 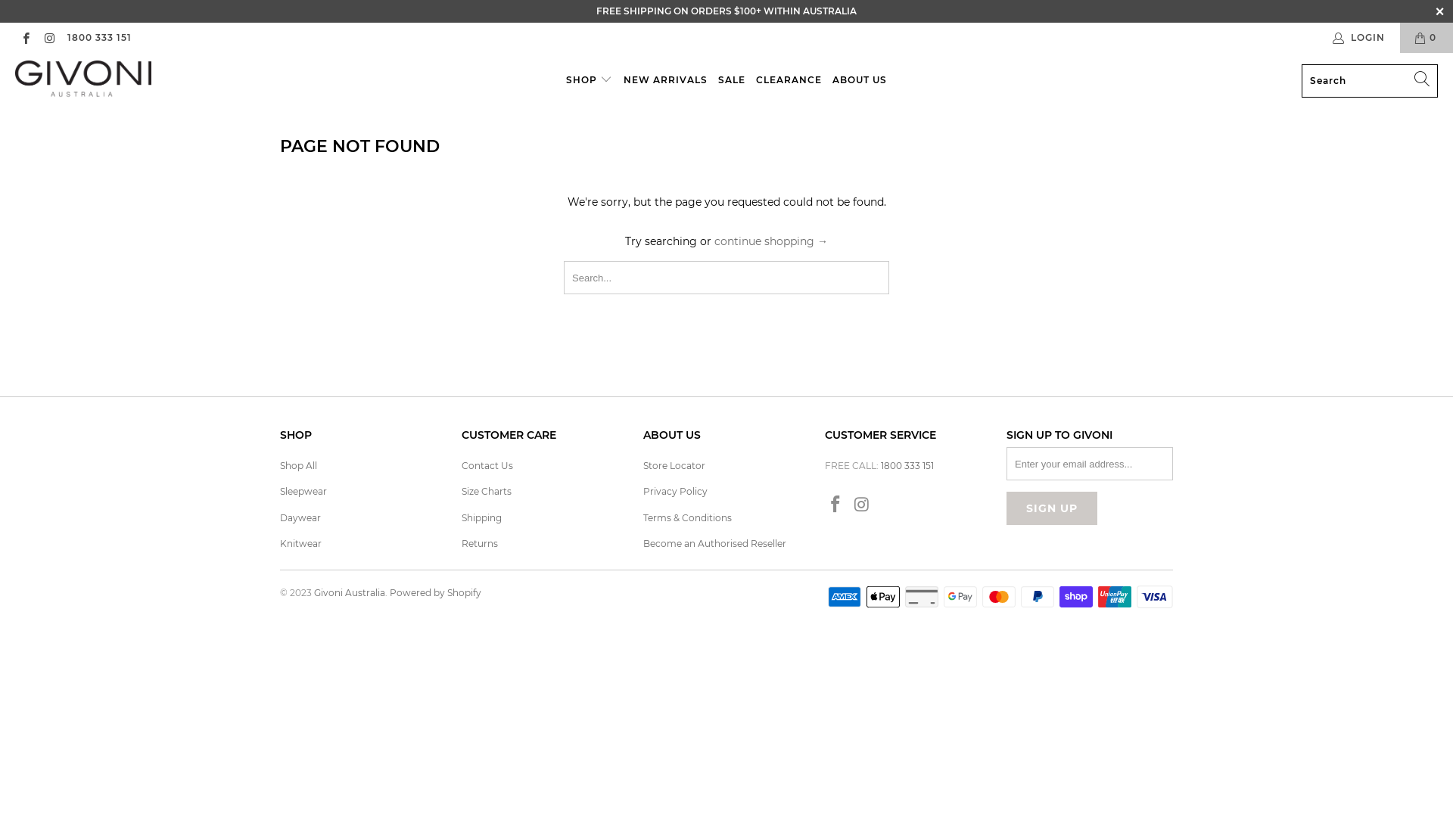 I want to click on 'Givoni Australia on Instagram', so click(x=48, y=36).